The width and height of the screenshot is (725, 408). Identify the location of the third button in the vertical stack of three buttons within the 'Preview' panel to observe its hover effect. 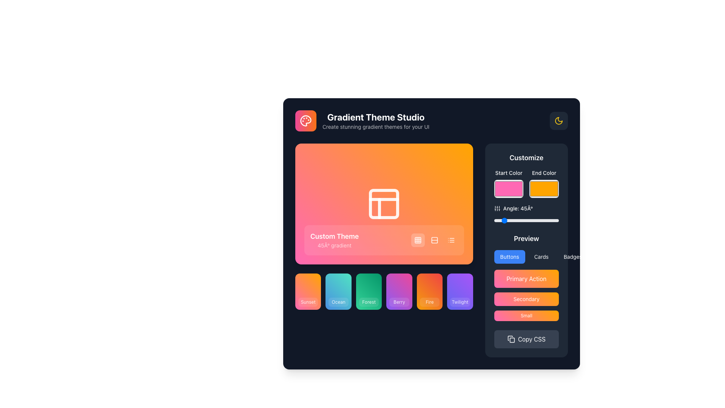
(526, 316).